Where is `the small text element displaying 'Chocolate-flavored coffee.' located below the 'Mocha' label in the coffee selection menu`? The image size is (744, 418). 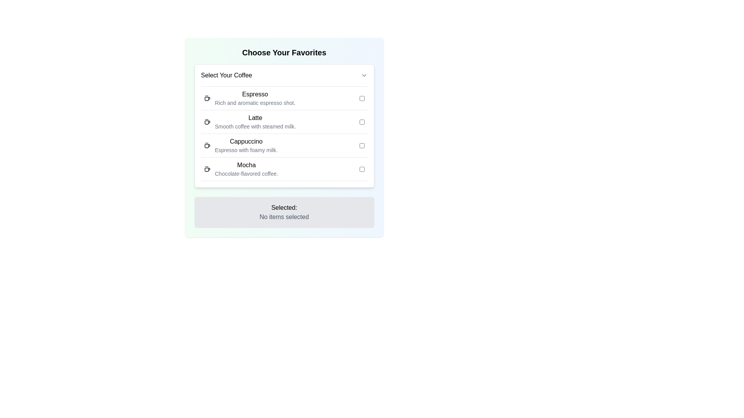 the small text element displaying 'Chocolate-flavored coffee.' located below the 'Mocha' label in the coffee selection menu is located at coordinates (246, 173).